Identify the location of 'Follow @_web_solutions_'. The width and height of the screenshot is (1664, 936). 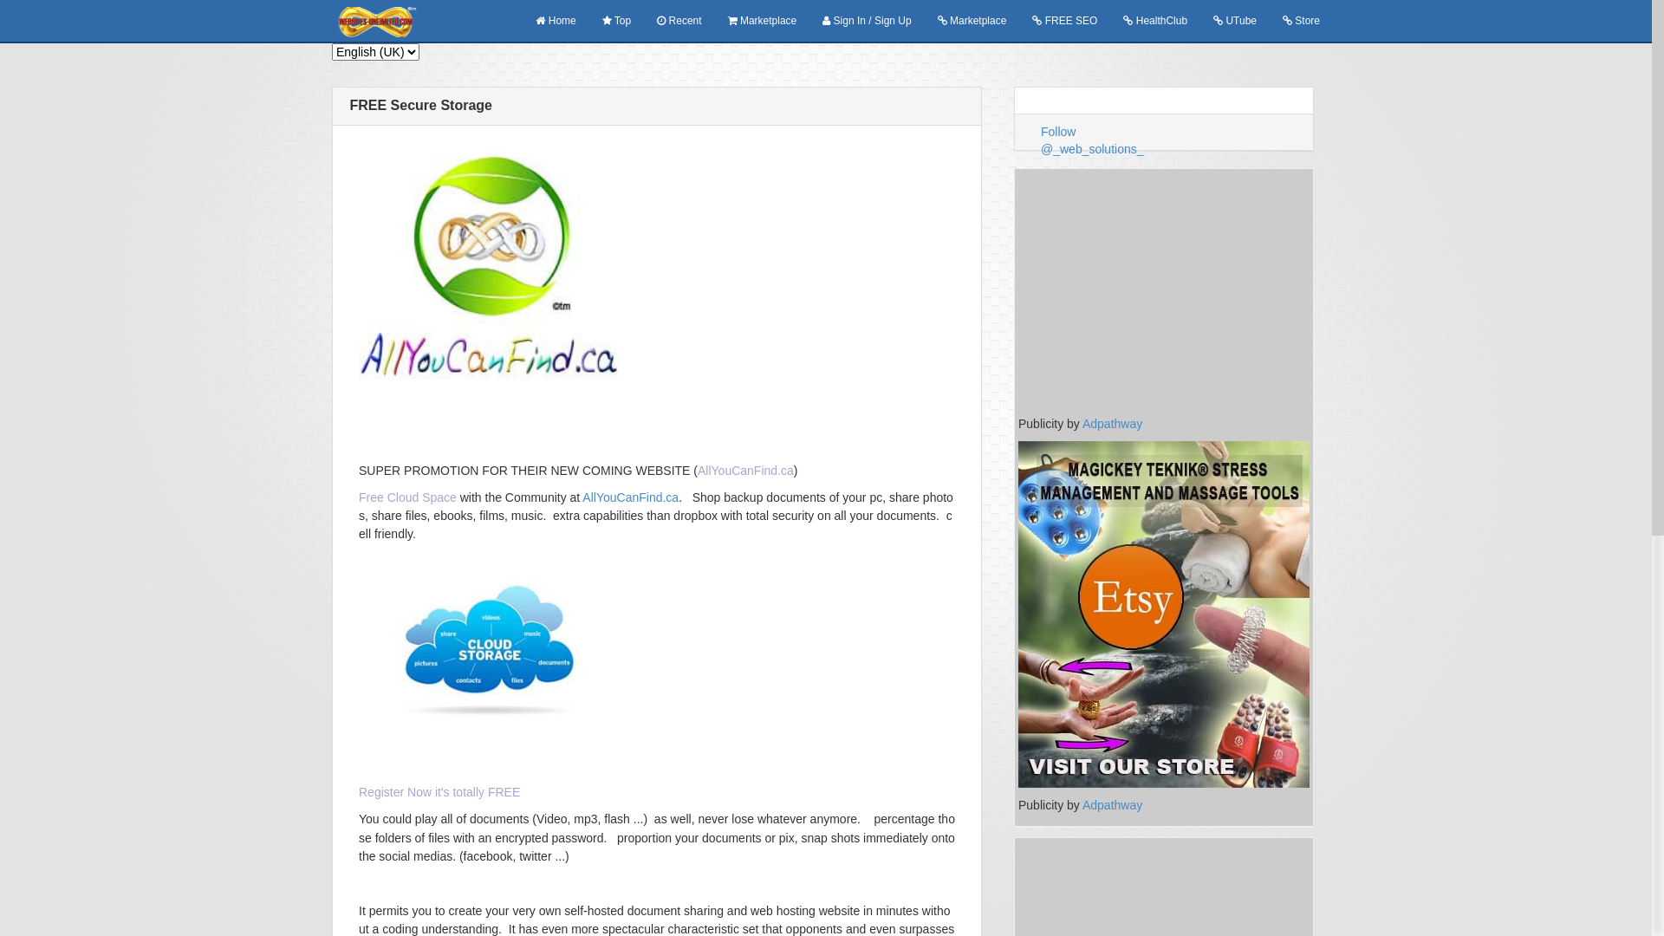
(1091, 140).